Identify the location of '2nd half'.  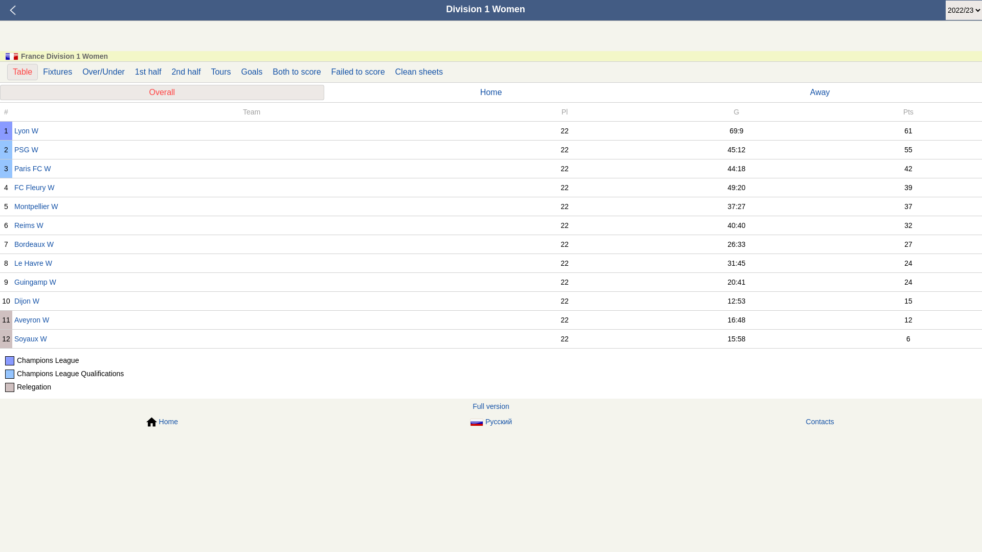
(186, 72).